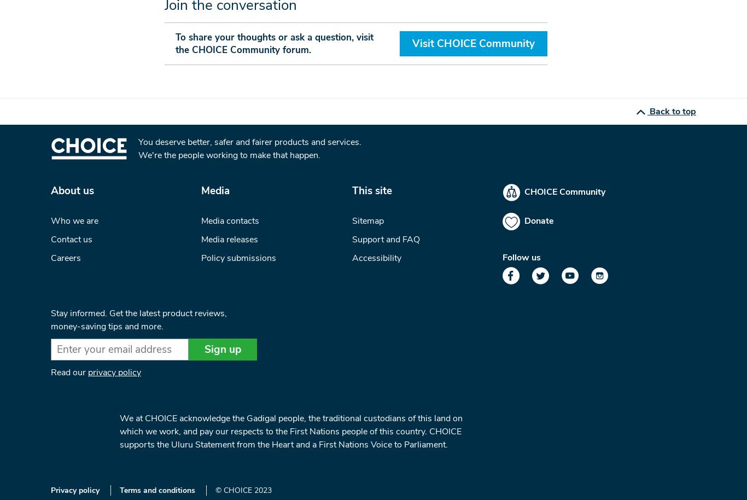 The height and width of the screenshot is (500, 747). Describe the element at coordinates (472, 43) in the screenshot. I see `'Visit CHOICE Community'` at that location.